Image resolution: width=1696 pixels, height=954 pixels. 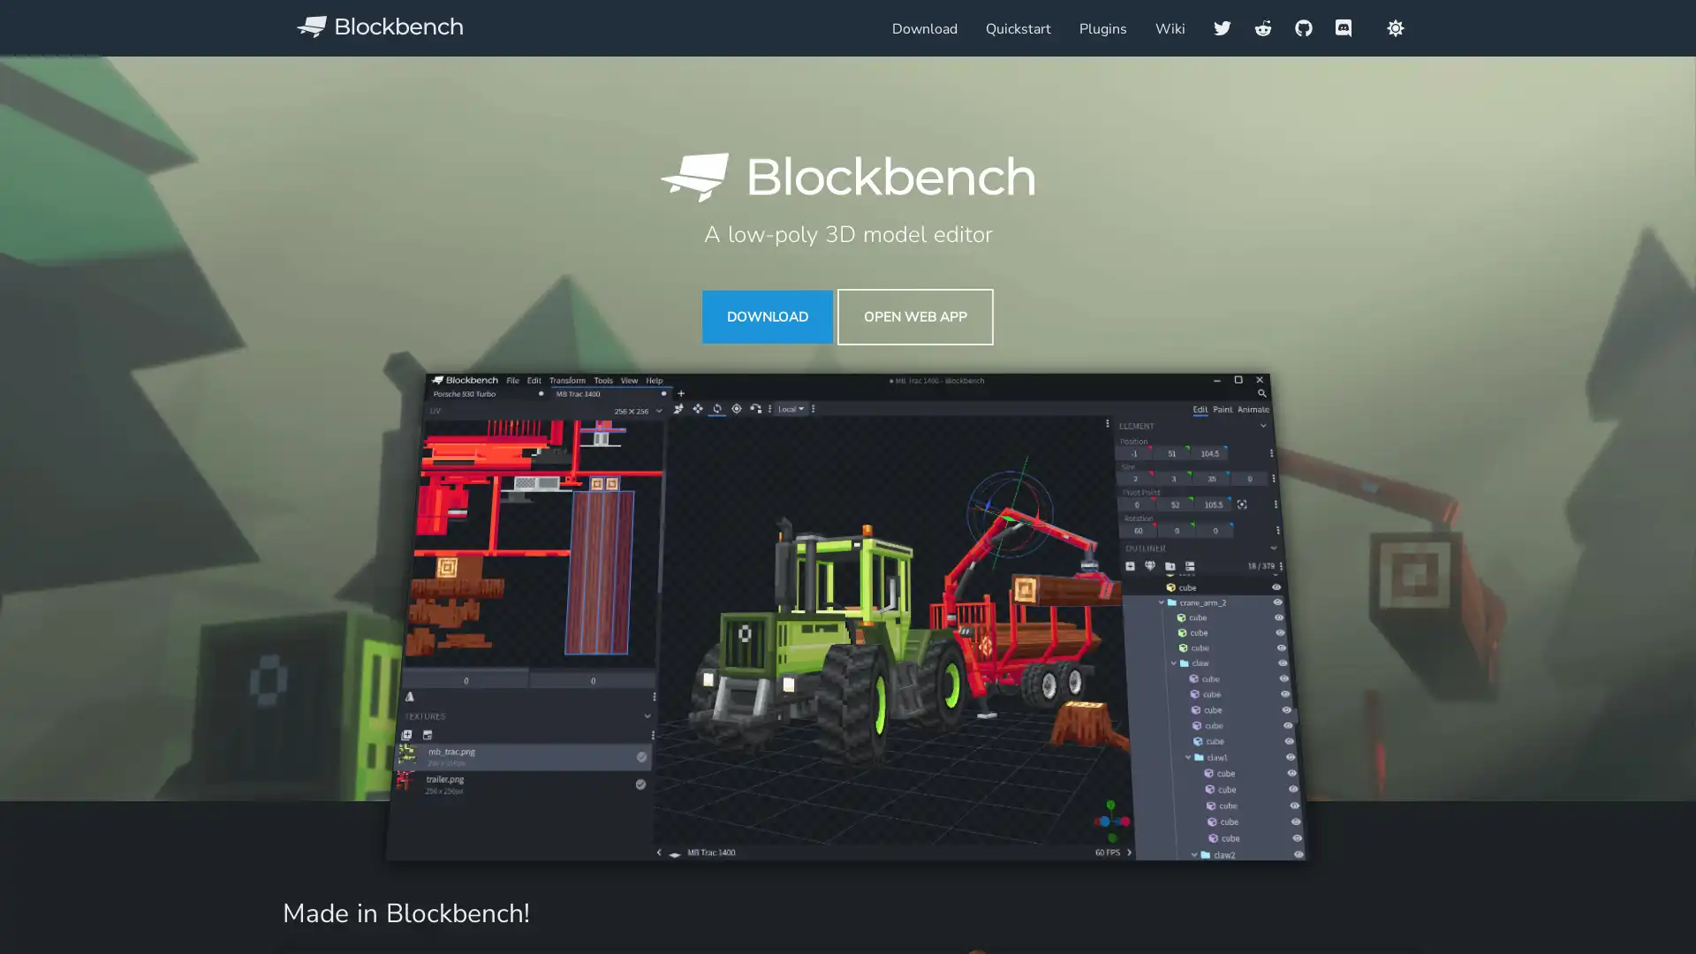 What do you see at coordinates (767, 315) in the screenshot?
I see `DOWNLOAD` at bounding box center [767, 315].